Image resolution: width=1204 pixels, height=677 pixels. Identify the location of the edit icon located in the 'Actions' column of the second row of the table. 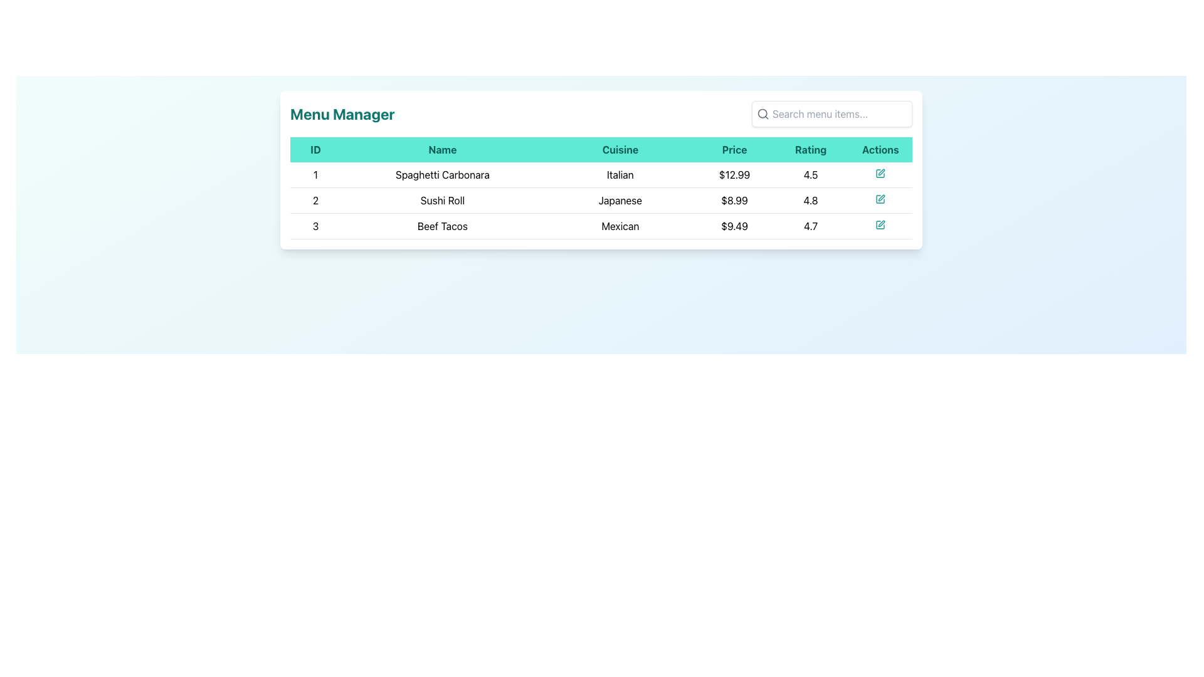
(881, 197).